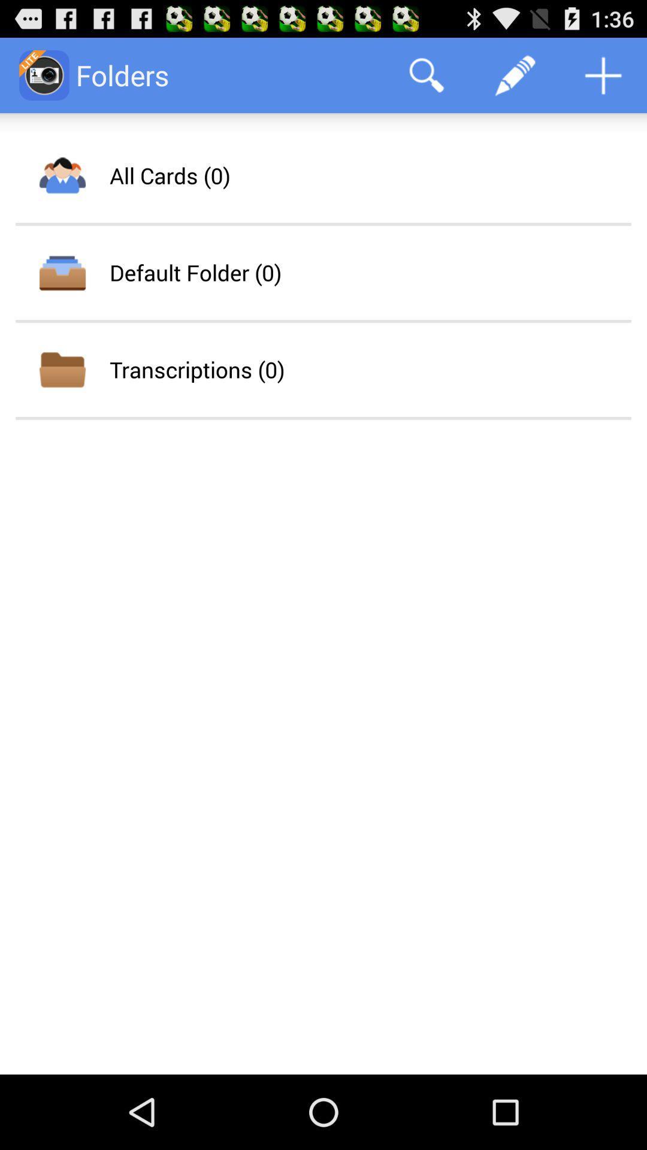  Describe the element at coordinates (170, 175) in the screenshot. I see `the item below the folders` at that location.